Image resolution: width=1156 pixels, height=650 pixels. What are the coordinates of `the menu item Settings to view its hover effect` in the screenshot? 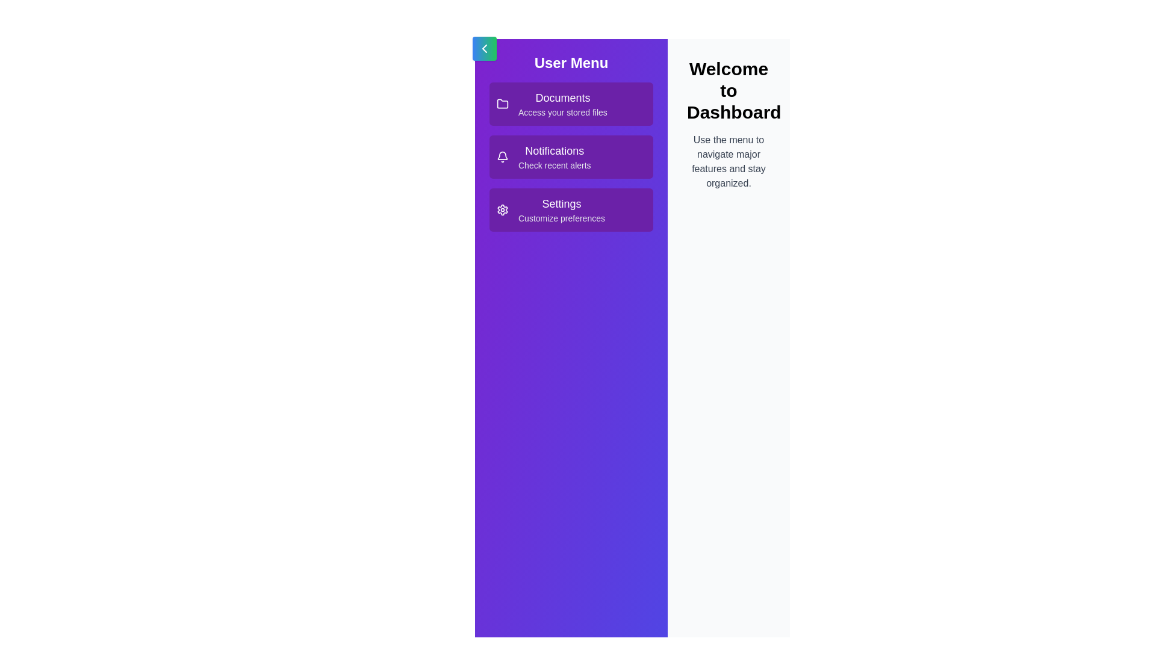 It's located at (571, 209).